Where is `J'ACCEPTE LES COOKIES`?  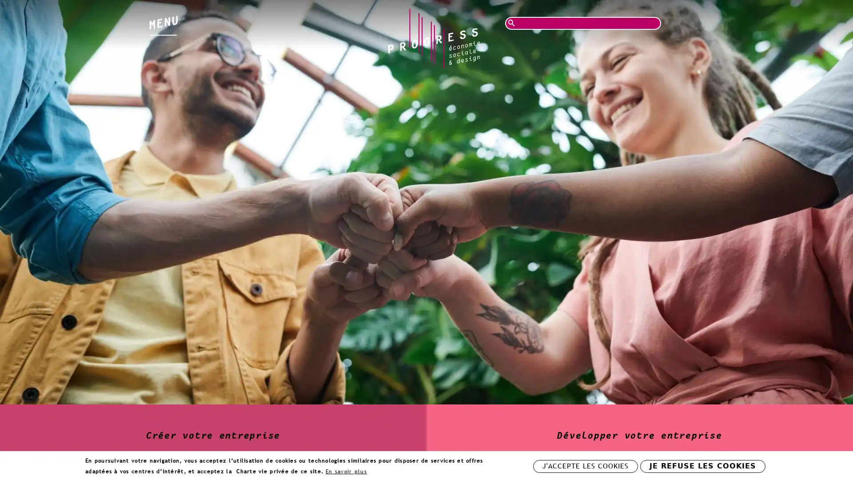 J'ACCEPTE LES COOKIES is located at coordinates (586, 466).